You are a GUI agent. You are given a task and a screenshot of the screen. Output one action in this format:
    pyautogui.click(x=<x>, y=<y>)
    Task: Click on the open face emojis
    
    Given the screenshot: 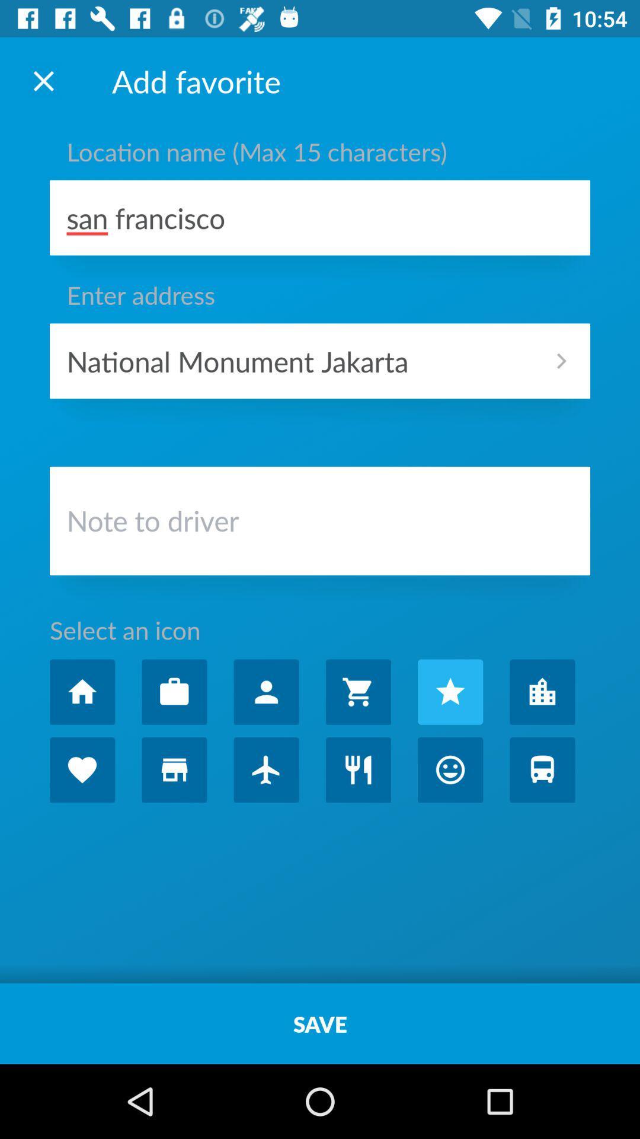 What is the action you would take?
    pyautogui.click(x=450, y=769)
    